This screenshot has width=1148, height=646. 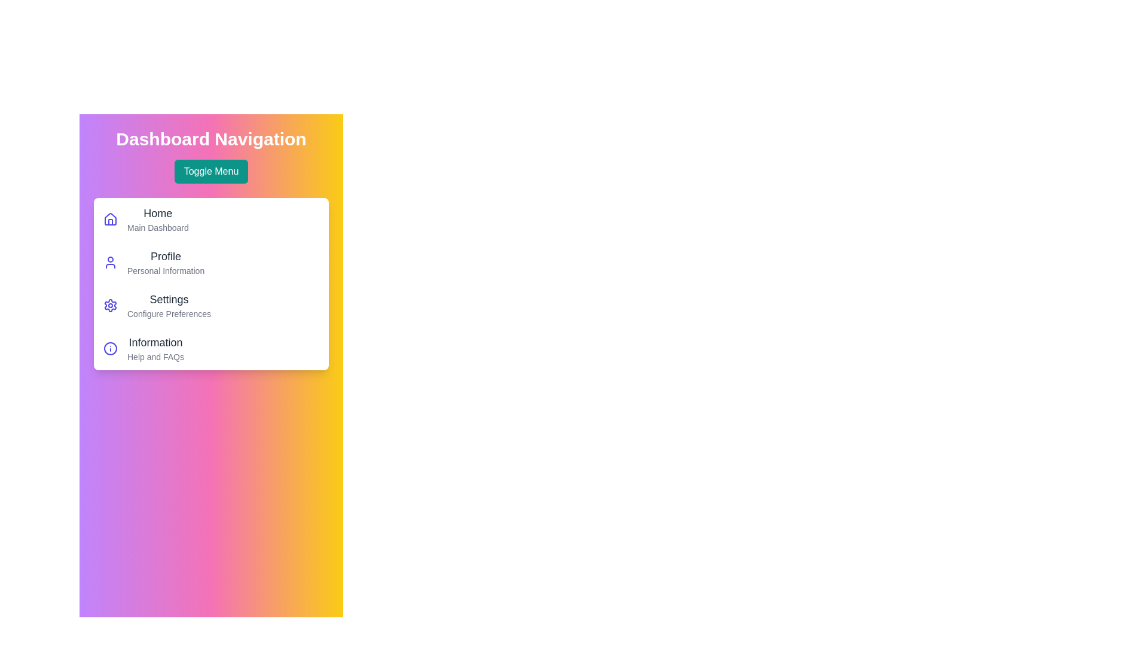 I want to click on the 'Toggle Menu' button to toggle the visibility of the menu, so click(x=211, y=171).